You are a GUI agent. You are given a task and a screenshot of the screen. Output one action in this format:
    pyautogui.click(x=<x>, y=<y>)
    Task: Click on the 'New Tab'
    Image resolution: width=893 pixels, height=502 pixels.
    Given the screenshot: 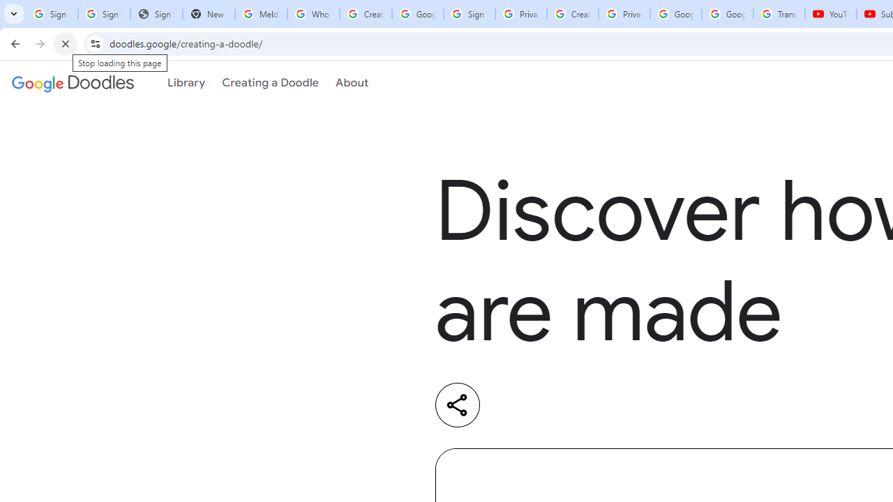 What is the action you would take?
    pyautogui.click(x=208, y=14)
    